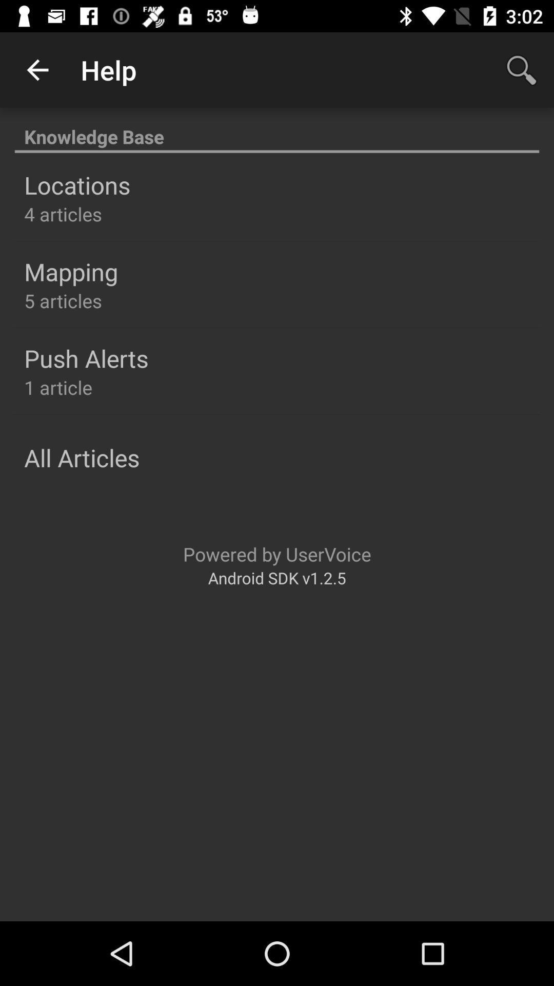 The height and width of the screenshot is (986, 554). Describe the element at coordinates (277, 554) in the screenshot. I see `powered by uservoice icon` at that location.